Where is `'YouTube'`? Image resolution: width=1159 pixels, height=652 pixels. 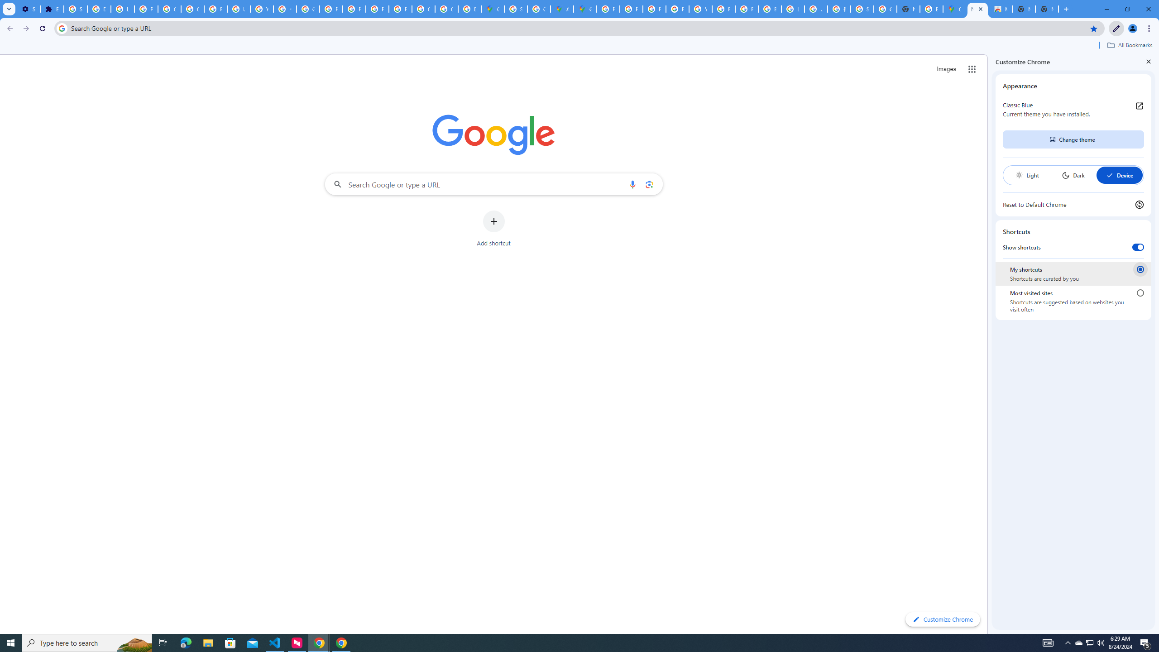 'YouTube' is located at coordinates (261, 9).